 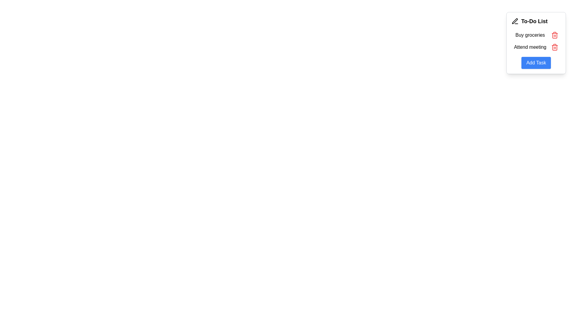 I want to click on on the text label reading 'Buy groceries' located in the first task row of the 'To-Do List' section, so click(x=530, y=35).